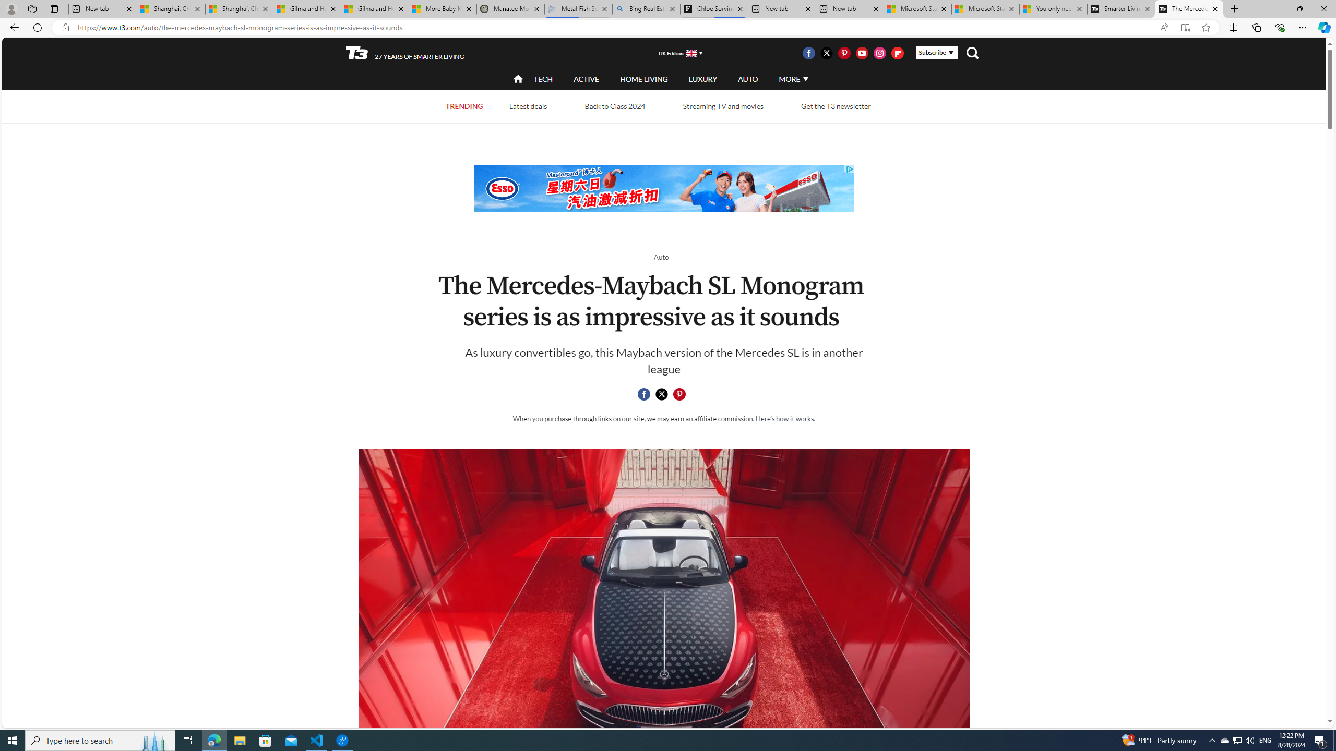 Image resolution: width=1336 pixels, height=751 pixels. What do you see at coordinates (844, 52) in the screenshot?
I see `'Visit us on Pintrest'` at bounding box center [844, 52].